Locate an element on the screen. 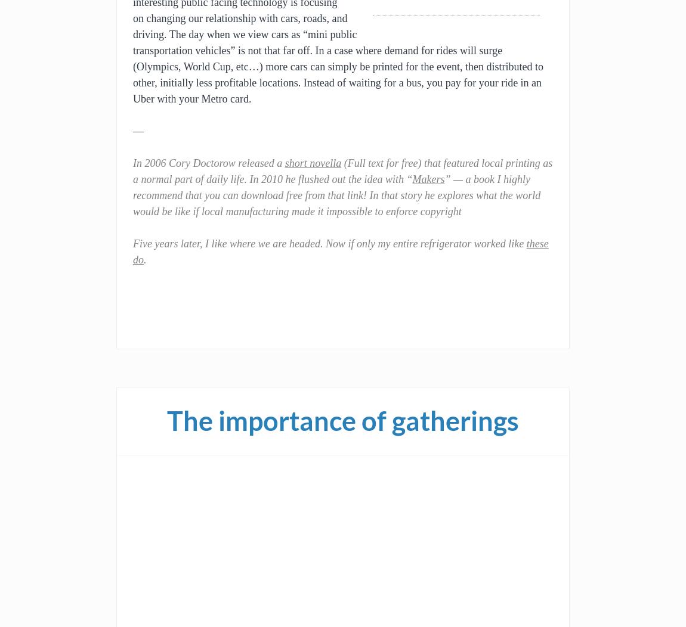 This screenshot has width=686, height=627. 'short novella' is located at coordinates (313, 163).